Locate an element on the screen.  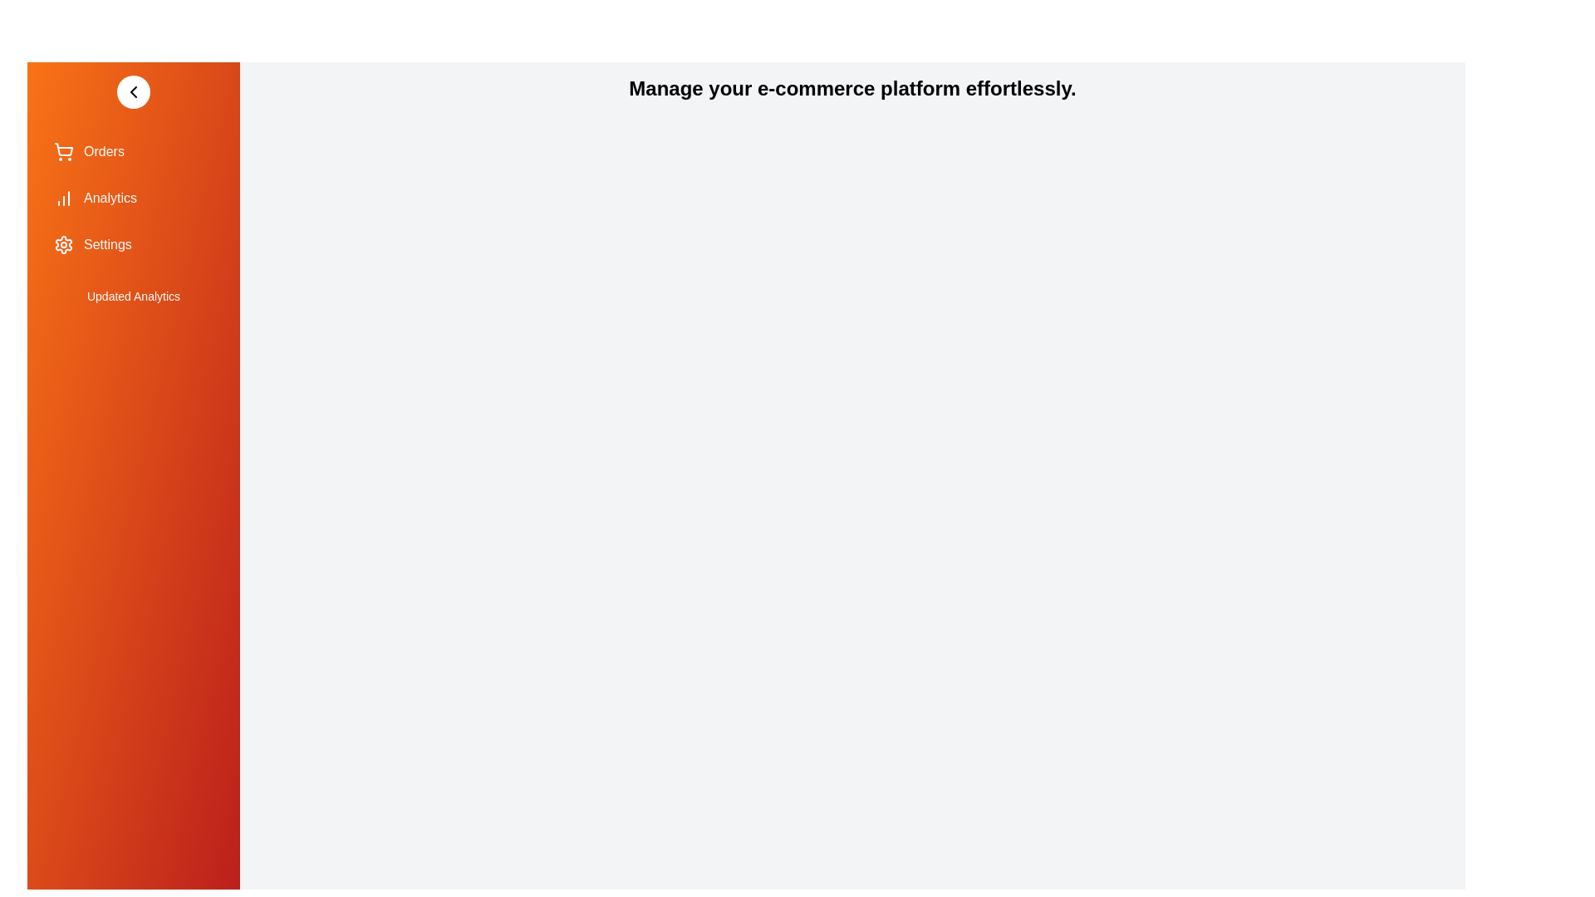
the 'Orders' menu item to navigate to the Orders section is located at coordinates (134, 151).